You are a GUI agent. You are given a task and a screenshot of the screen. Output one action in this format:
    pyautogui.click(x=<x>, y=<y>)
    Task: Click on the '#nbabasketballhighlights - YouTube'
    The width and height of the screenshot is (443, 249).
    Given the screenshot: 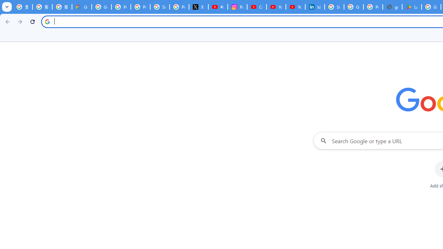 What is the action you would take?
    pyautogui.click(x=217, y=7)
    